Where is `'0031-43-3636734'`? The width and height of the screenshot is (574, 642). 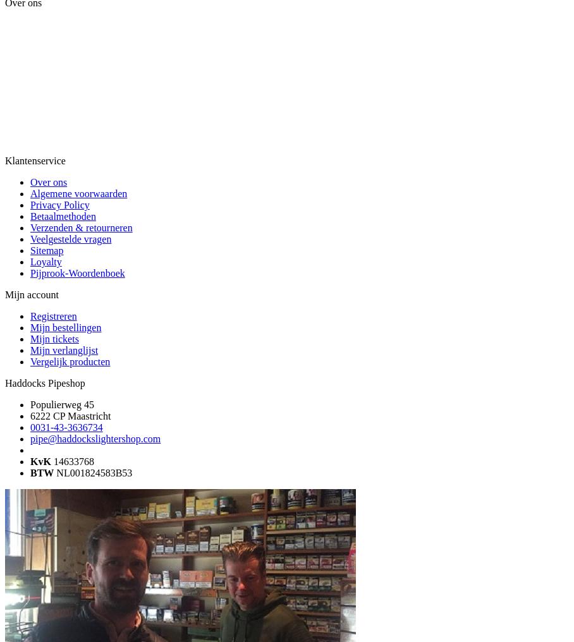 '0031-43-3636734' is located at coordinates (30, 427).